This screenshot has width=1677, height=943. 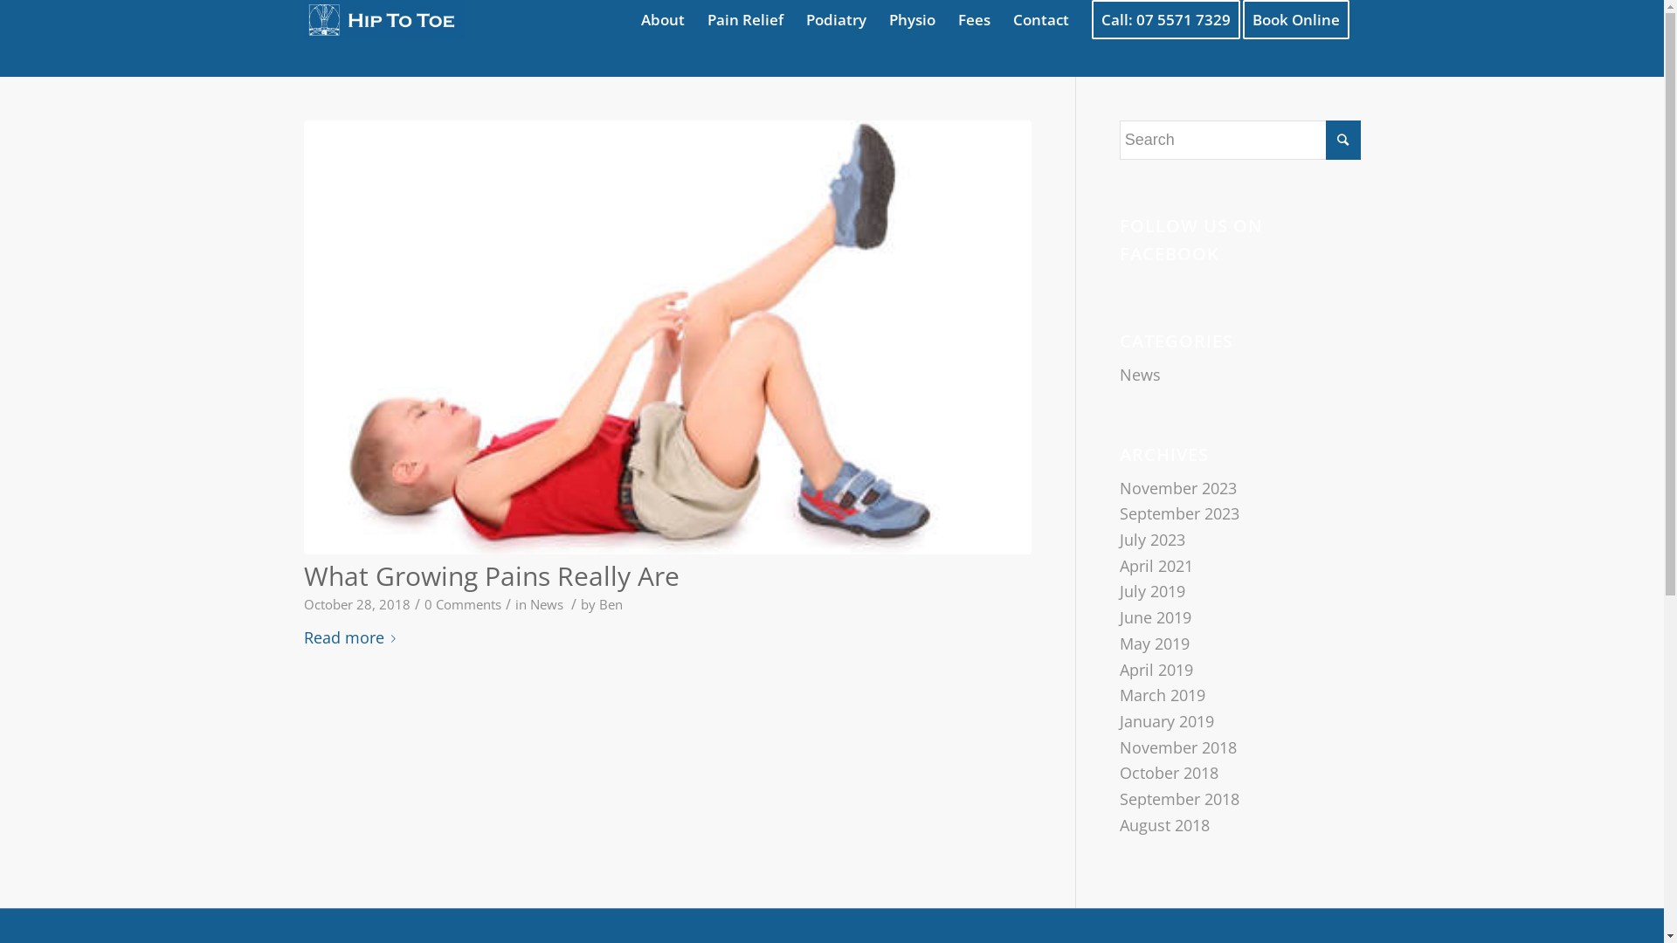 I want to click on 'October 2018', so click(x=1119, y=771).